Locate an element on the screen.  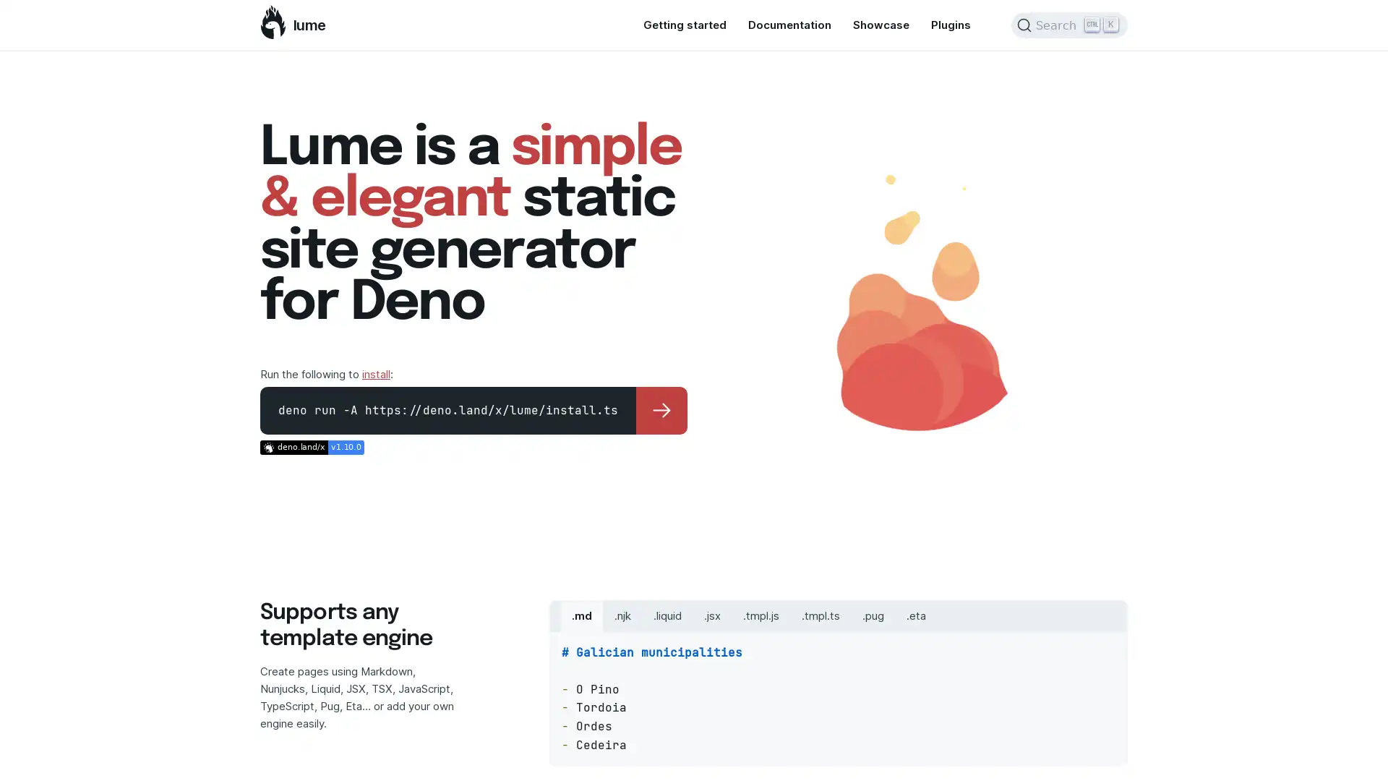
Search is located at coordinates (1069, 25).